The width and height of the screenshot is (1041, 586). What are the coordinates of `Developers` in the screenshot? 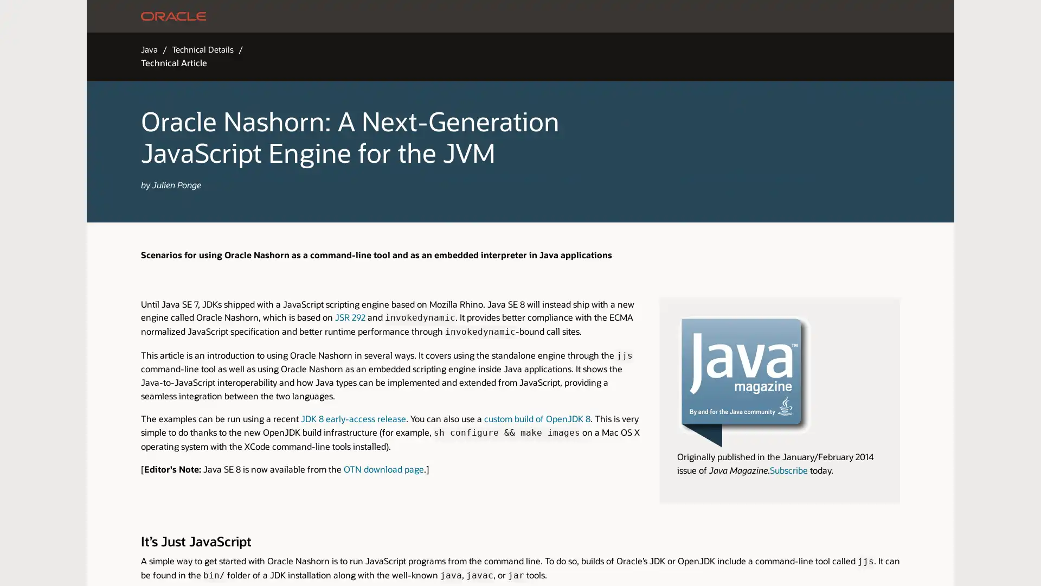 It's located at (552, 16).